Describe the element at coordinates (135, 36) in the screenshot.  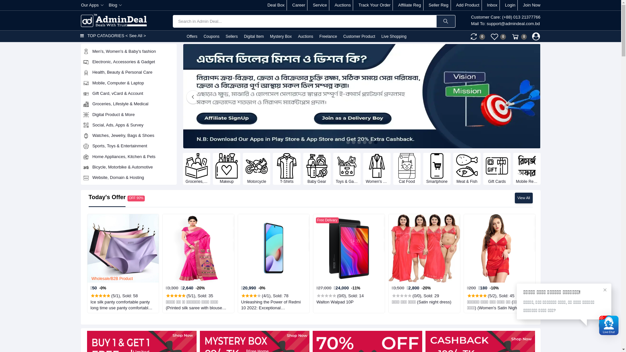
I see `'< See All >'` at that location.